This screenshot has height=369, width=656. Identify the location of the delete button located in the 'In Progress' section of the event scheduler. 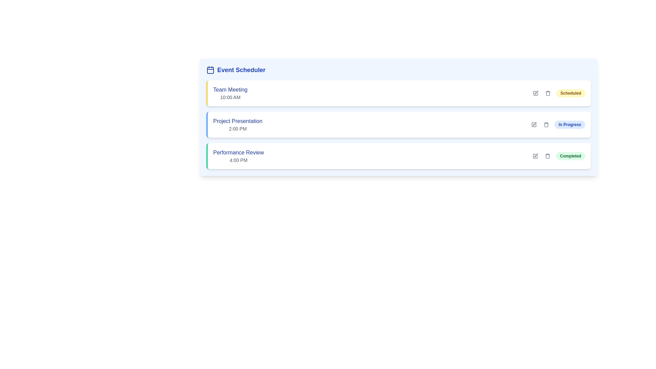
(546, 125).